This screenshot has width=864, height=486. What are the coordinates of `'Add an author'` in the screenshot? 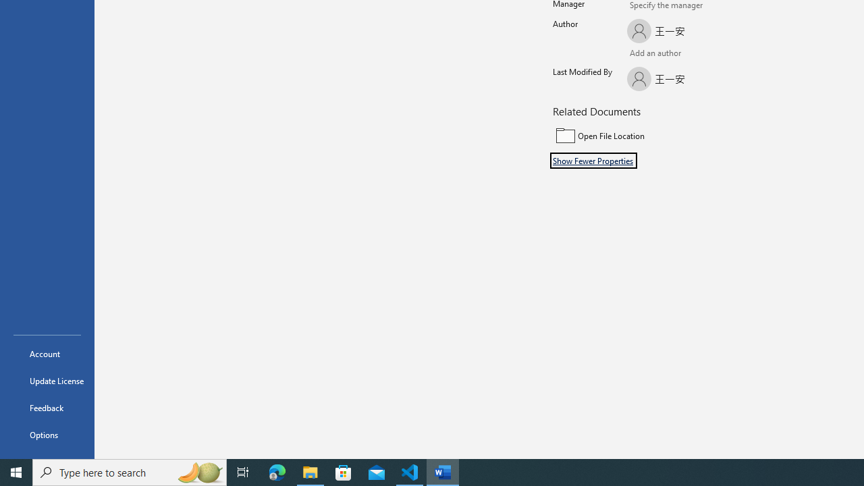 It's located at (640, 54).